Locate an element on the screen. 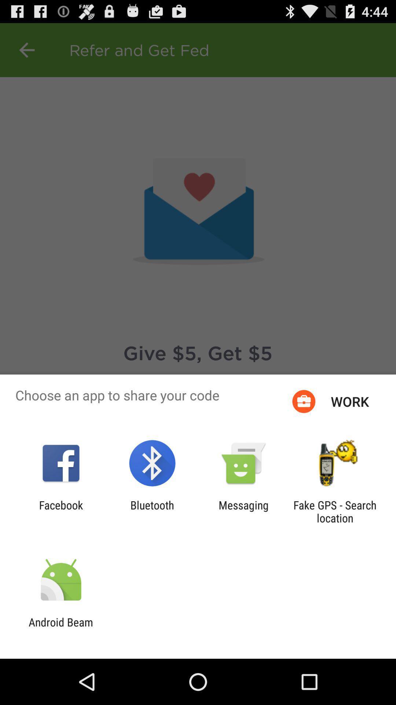  the messaging app is located at coordinates (243, 511).